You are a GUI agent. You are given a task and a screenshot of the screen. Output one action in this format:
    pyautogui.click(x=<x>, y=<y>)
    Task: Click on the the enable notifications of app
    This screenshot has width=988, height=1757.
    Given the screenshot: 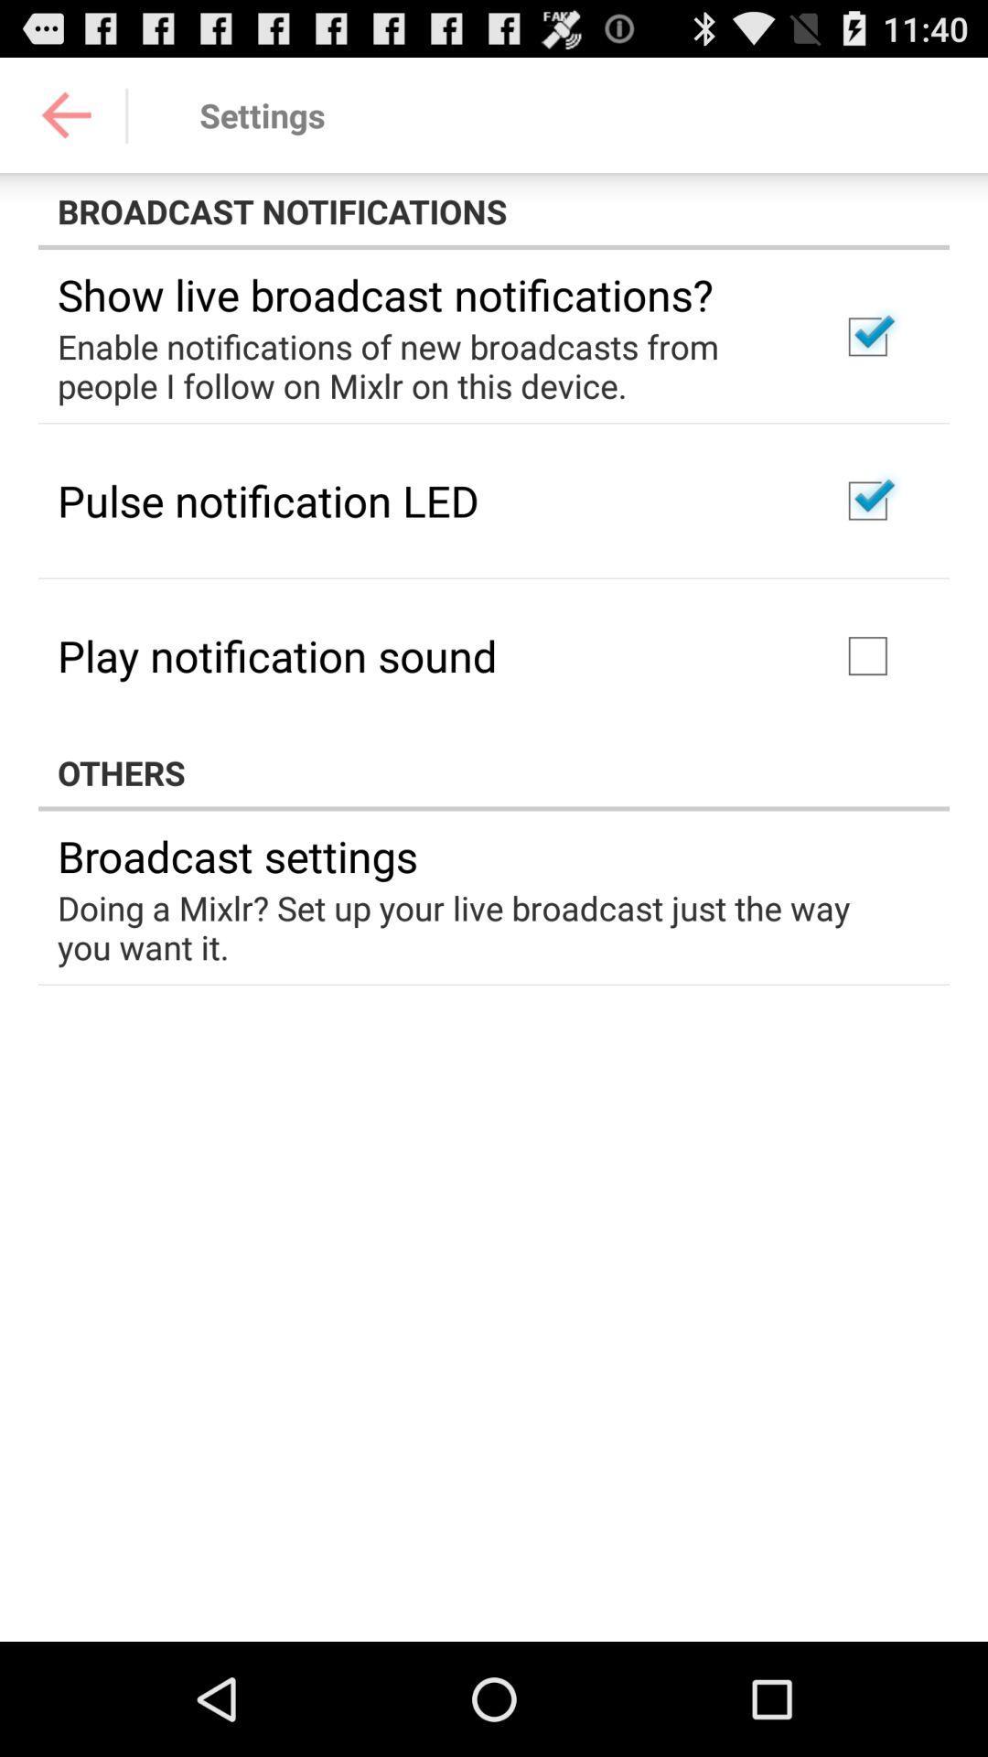 What is the action you would take?
    pyautogui.click(x=424, y=366)
    